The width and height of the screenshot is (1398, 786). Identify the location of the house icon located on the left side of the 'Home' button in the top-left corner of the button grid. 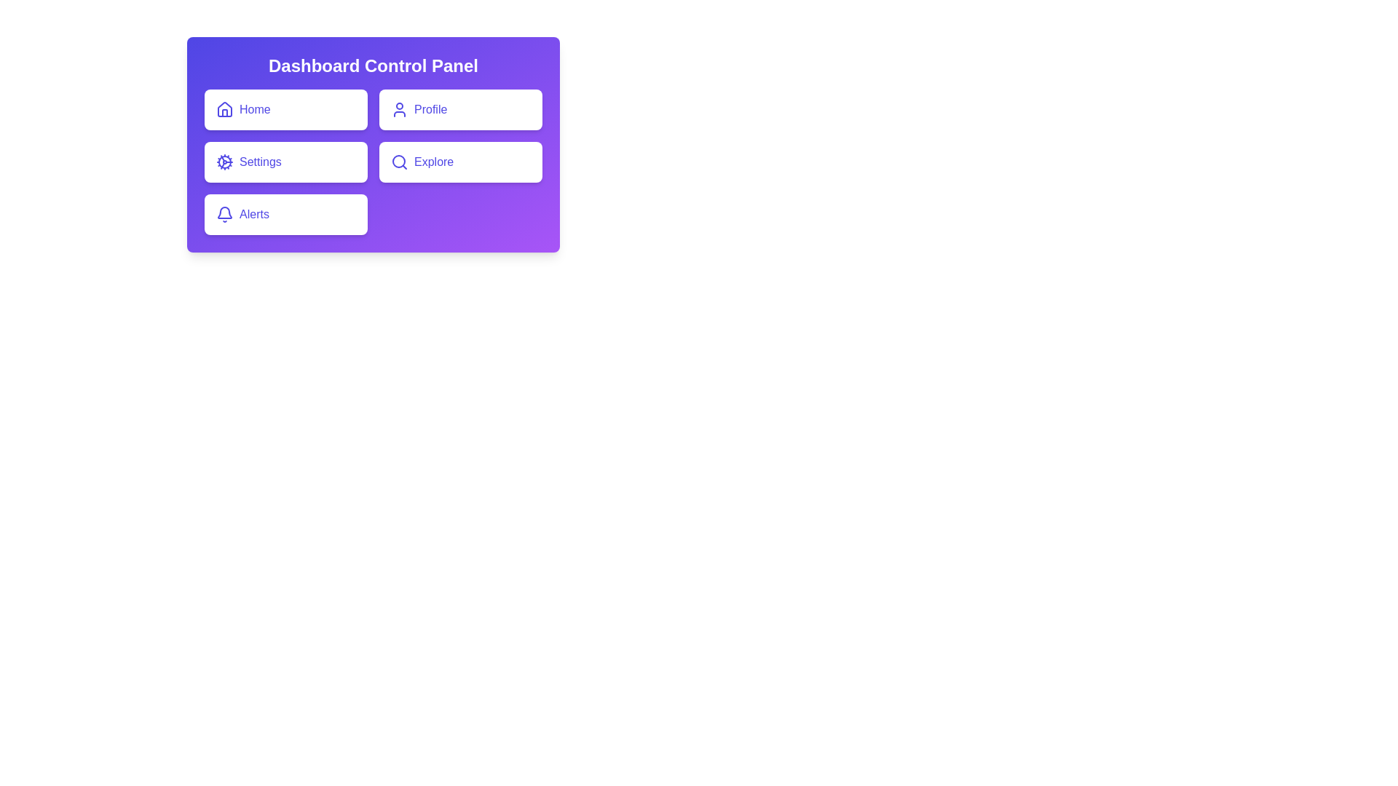
(224, 108).